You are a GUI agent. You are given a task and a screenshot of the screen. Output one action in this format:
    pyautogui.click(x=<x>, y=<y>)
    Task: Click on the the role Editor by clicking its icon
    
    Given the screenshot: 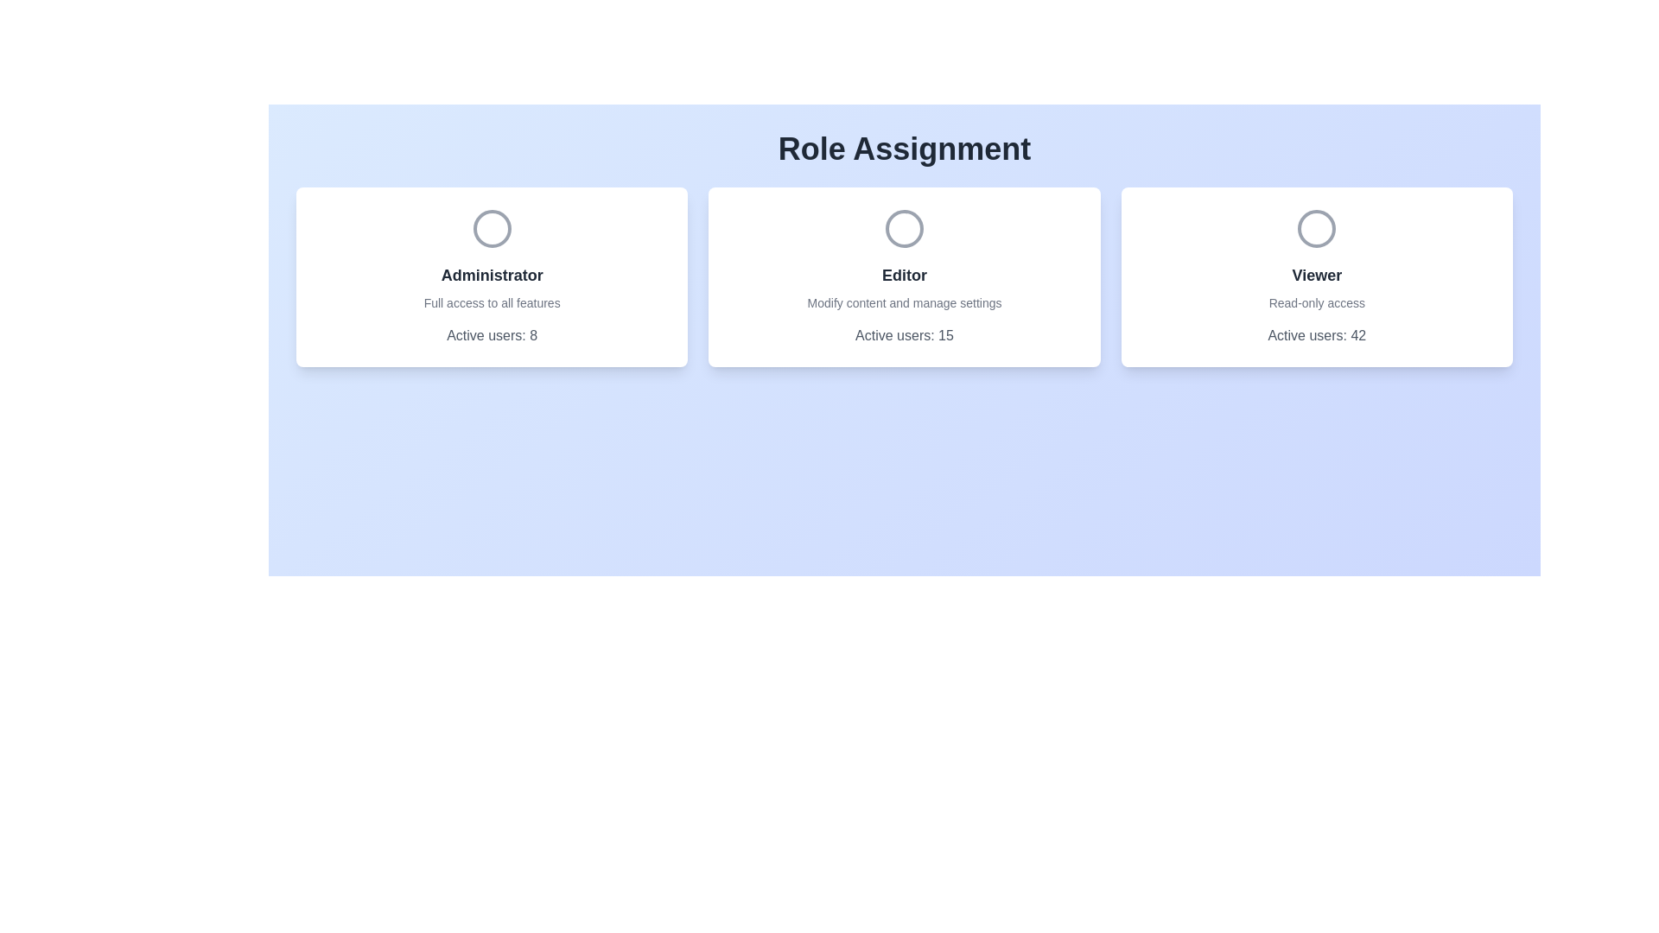 What is the action you would take?
    pyautogui.click(x=903, y=228)
    